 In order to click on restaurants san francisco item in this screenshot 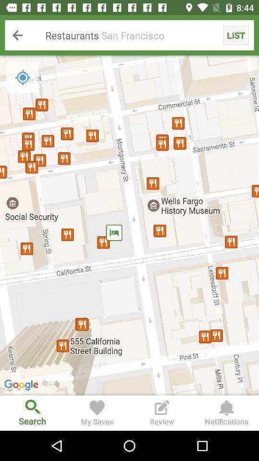, I will do `click(129, 35)`.